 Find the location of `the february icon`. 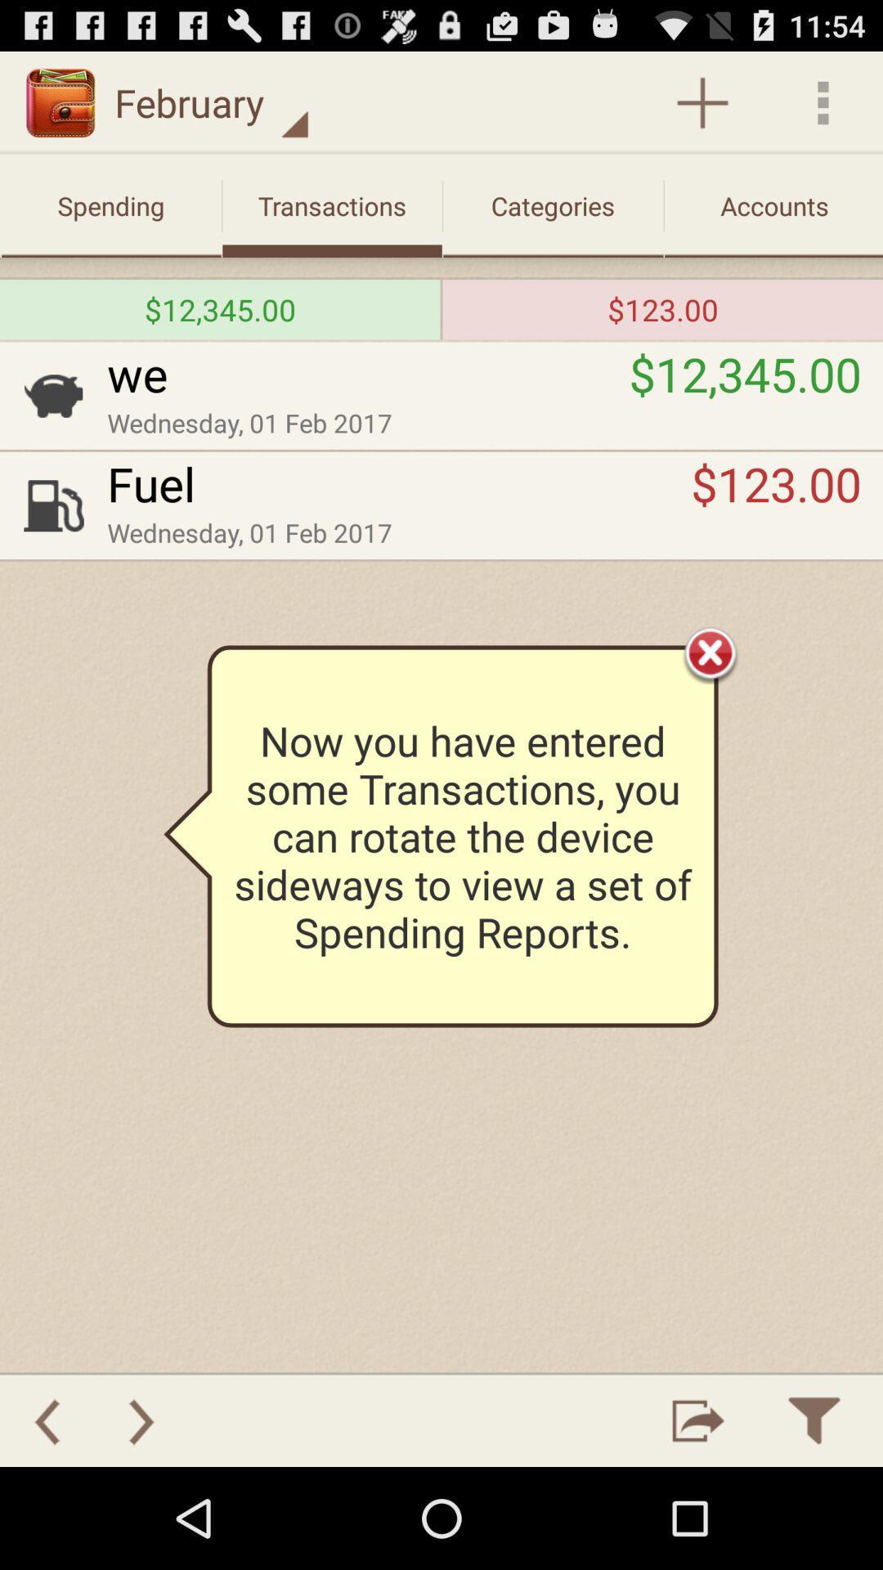

the february icon is located at coordinates (211, 101).